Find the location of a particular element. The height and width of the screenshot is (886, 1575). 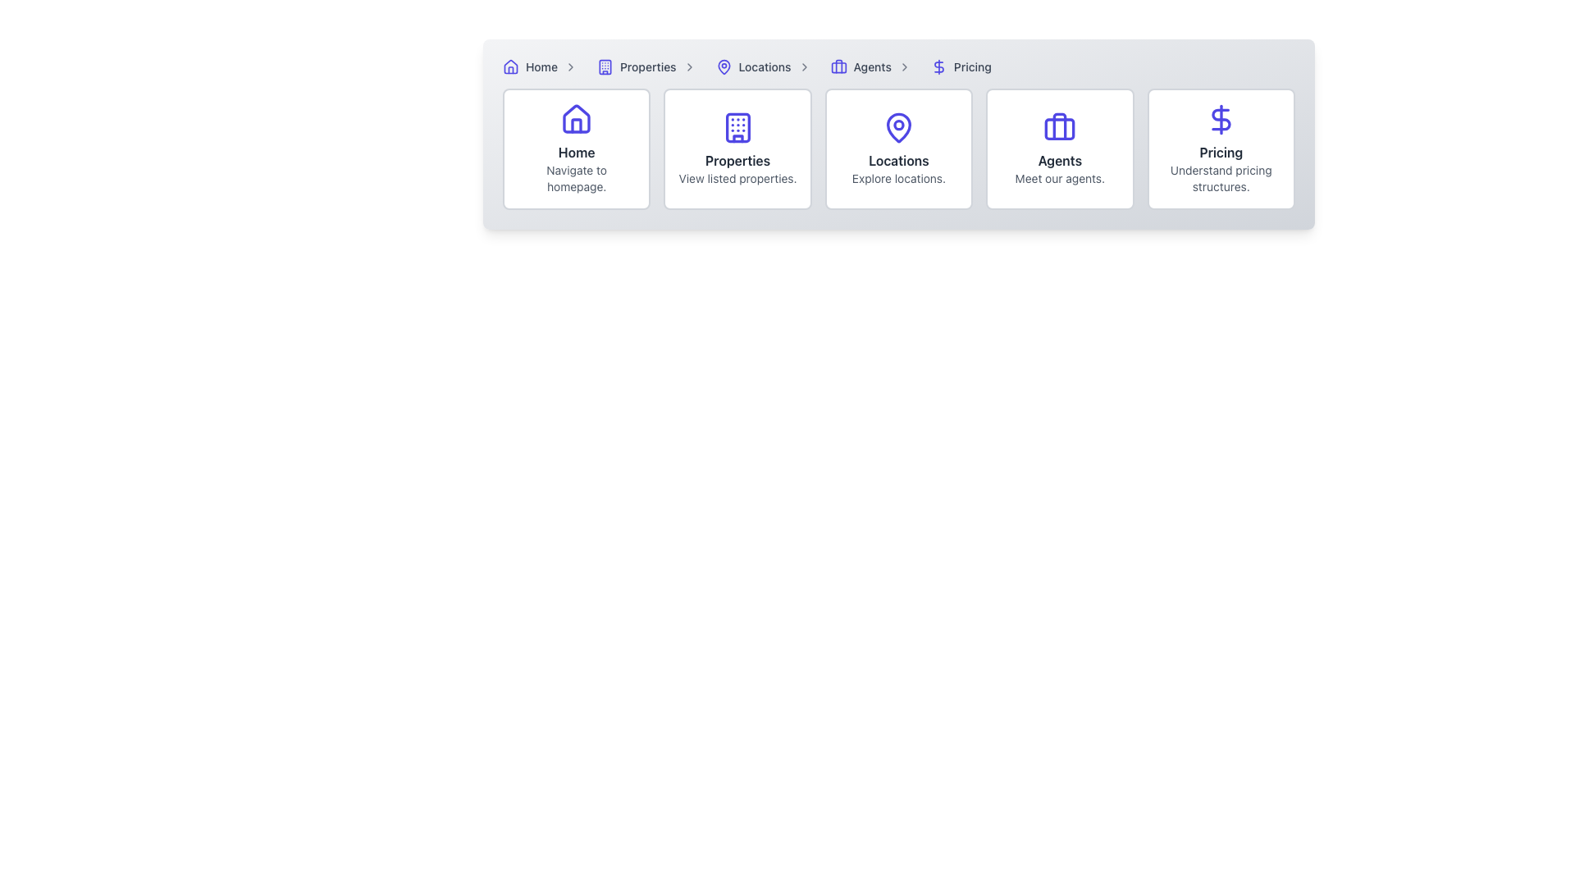

the 'Home' SVG icon located above the text label 'Home' in the first card of the navigation options is located at coordinates (577, 119).